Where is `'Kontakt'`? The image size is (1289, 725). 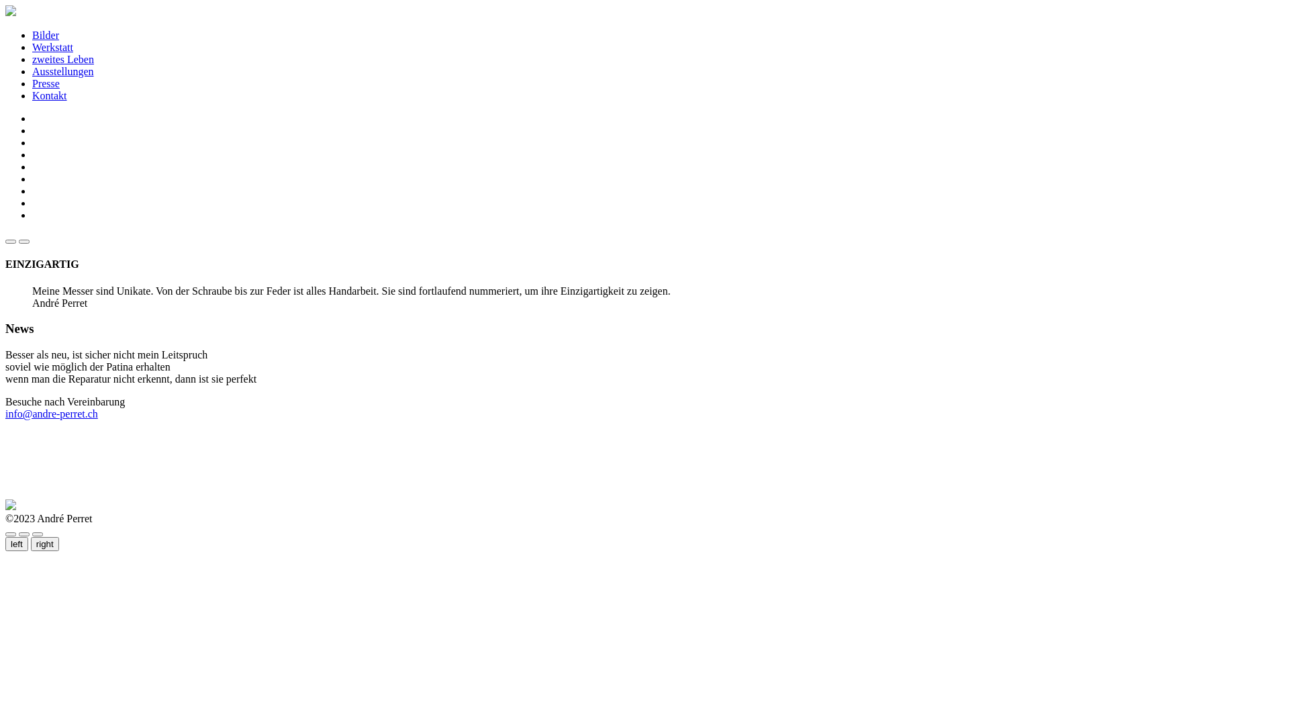
'Kontakt' is located at coordinates (32, 95).